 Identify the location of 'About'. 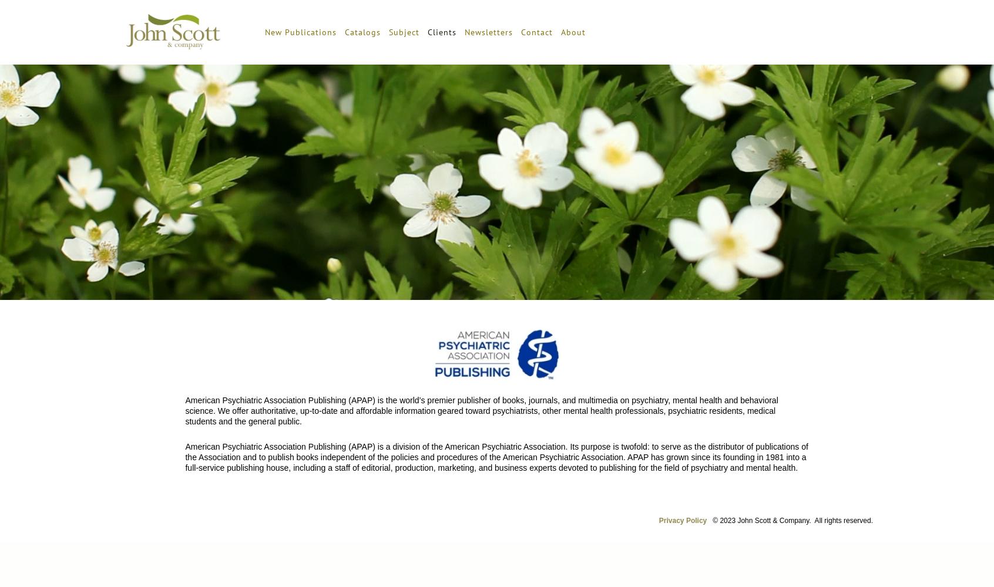
(572, 32).